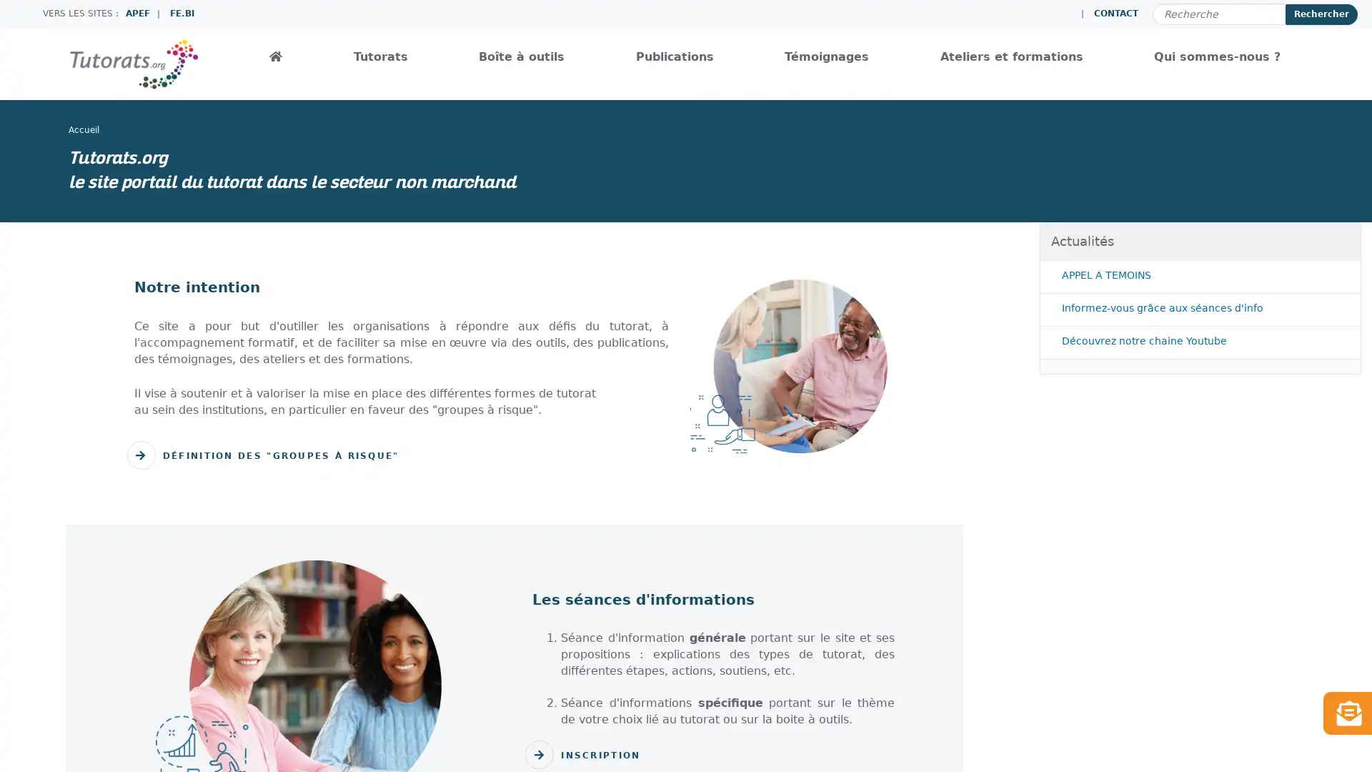  What do you see at coordinates (1321, 14) in the screenshot?
I see `Rechercher` at bounding box center [1321, 14].